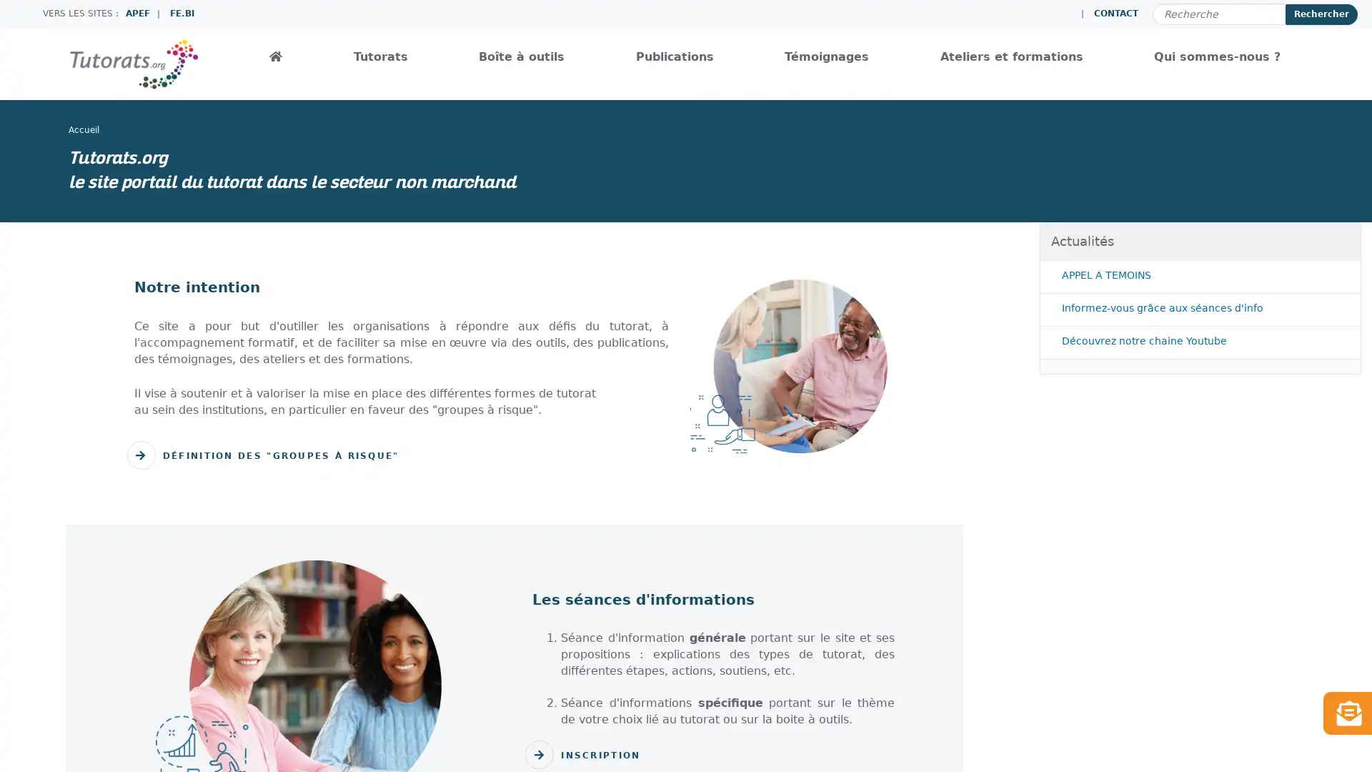  What do you see at coordinates (1321, 14) in the screenshot?
I see `Rechercher` at bounding box center [1321, 14].